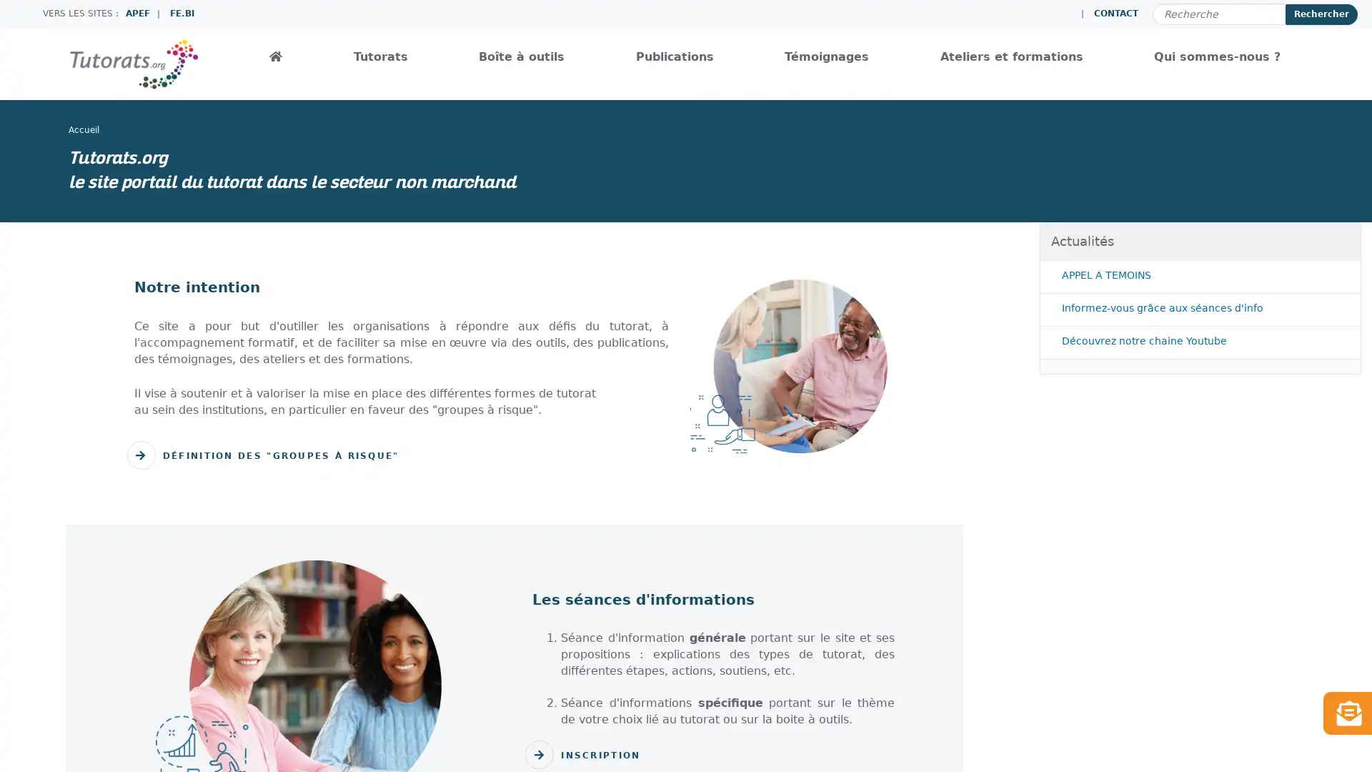  What do you see at coordinates (1321, 14) in the screenshot?
I see `Rechercher` at bounding box center [1321, 14].